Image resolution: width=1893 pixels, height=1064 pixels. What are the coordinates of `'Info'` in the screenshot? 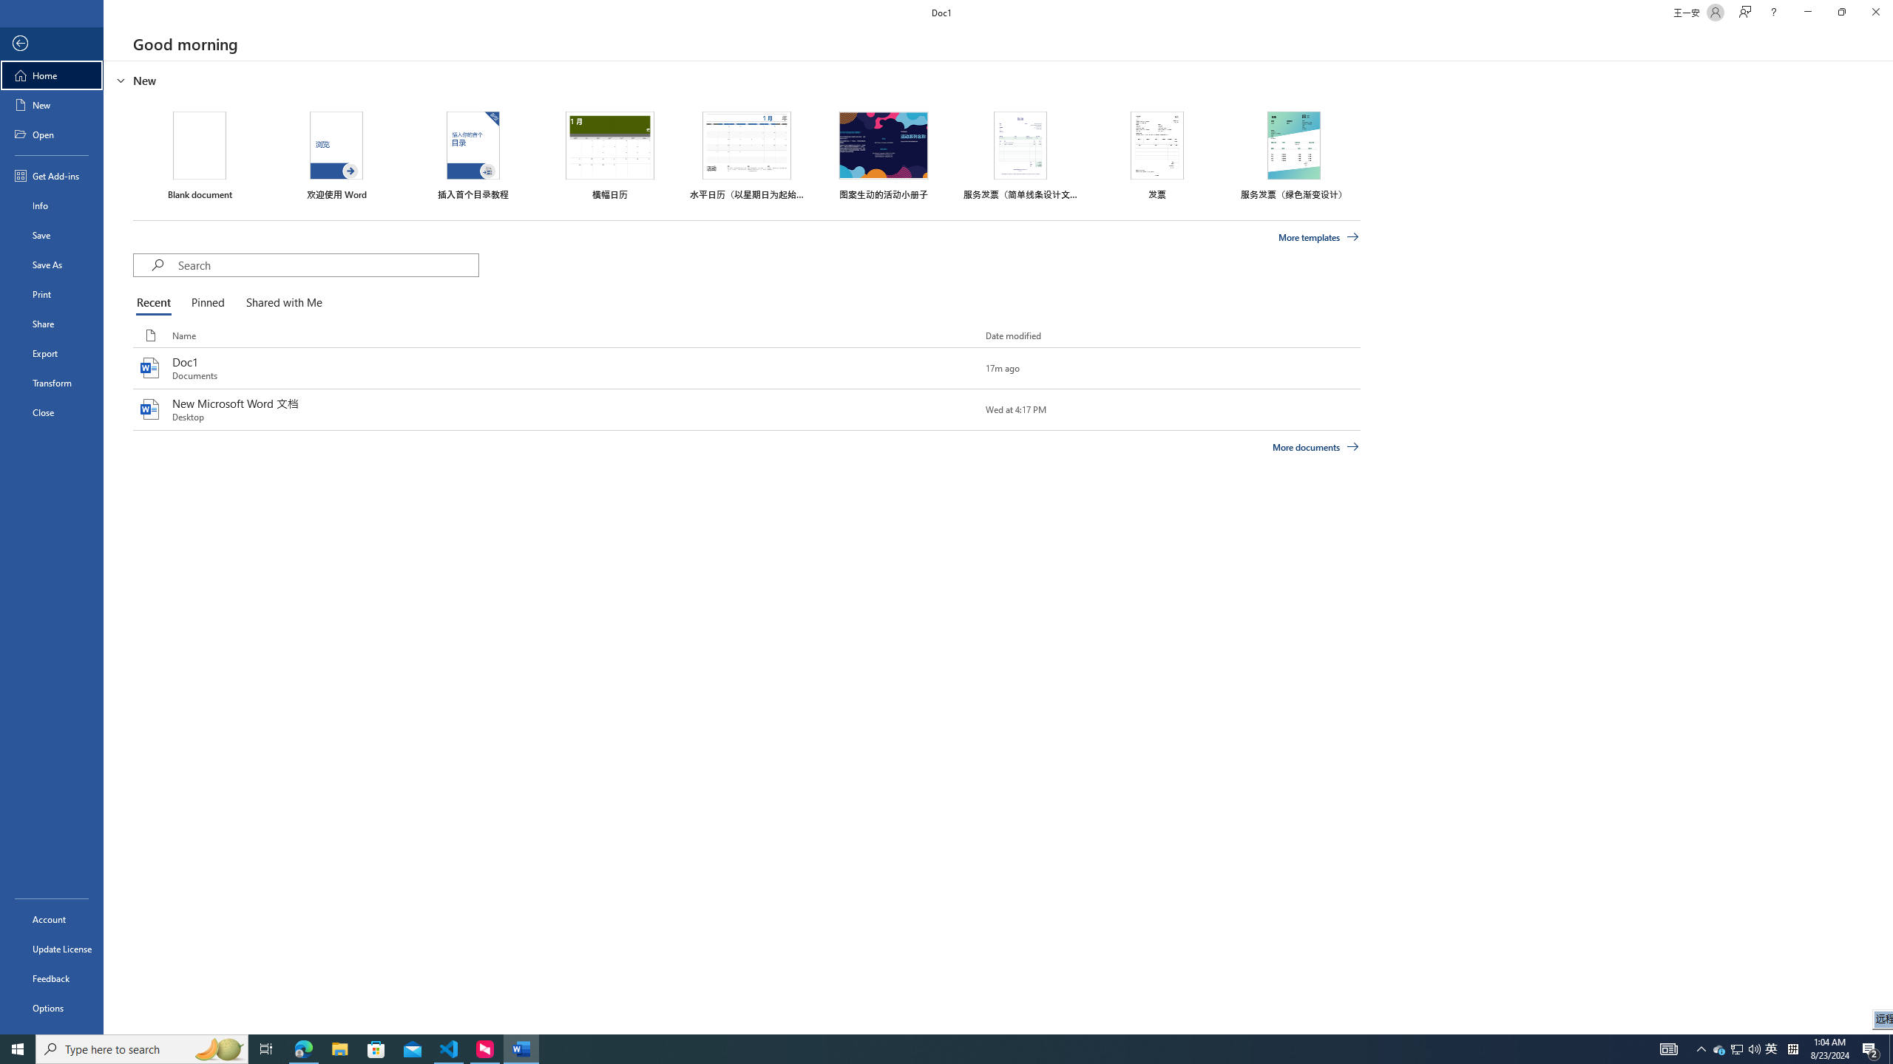 It's located at (51, 204).